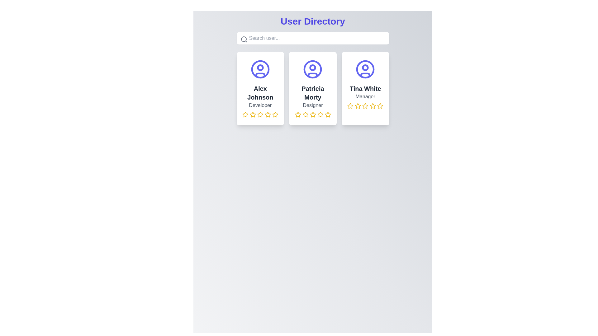  Describe the element at coordinates (260, 114) in the screenshot. I see `the second yellow star icon in the rating component under the 'Alex Johnson' user card` at that location.